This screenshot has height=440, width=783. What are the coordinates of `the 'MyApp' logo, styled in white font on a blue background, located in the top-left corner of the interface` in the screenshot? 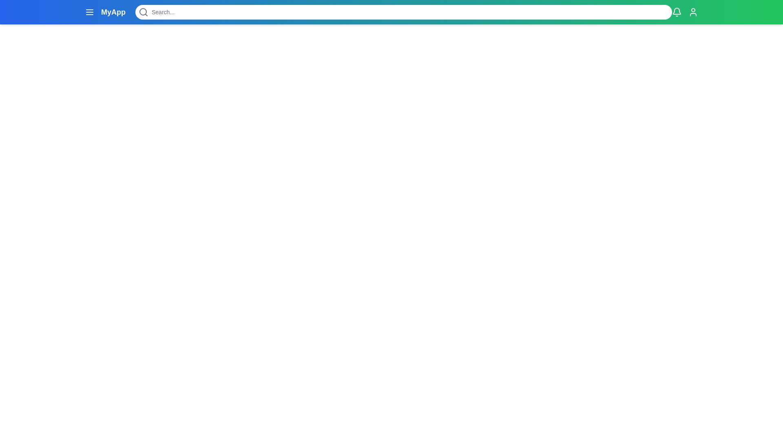 It's located at (105, 12).